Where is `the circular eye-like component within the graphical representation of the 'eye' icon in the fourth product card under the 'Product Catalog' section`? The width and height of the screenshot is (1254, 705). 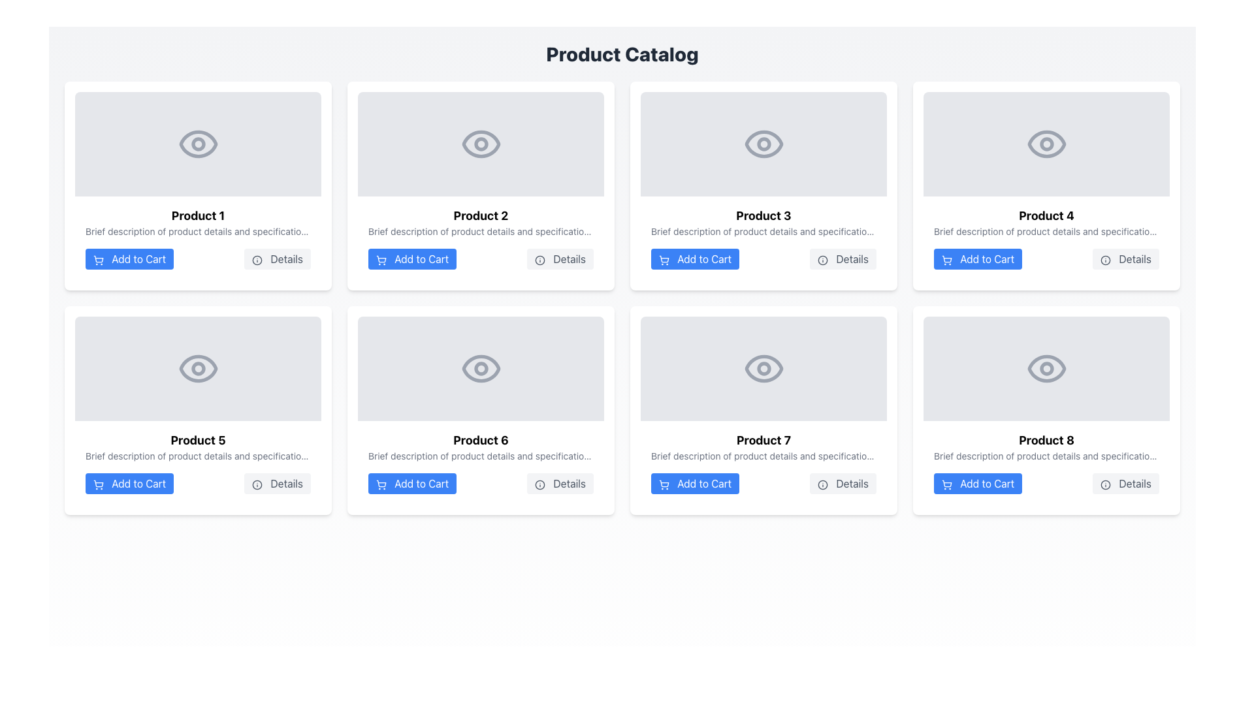 the circular eye-like component within the graphical representation of the 'eye' icon in the fourth product card under the 'Product Catalog' section is located at coordinates (1046, 144).